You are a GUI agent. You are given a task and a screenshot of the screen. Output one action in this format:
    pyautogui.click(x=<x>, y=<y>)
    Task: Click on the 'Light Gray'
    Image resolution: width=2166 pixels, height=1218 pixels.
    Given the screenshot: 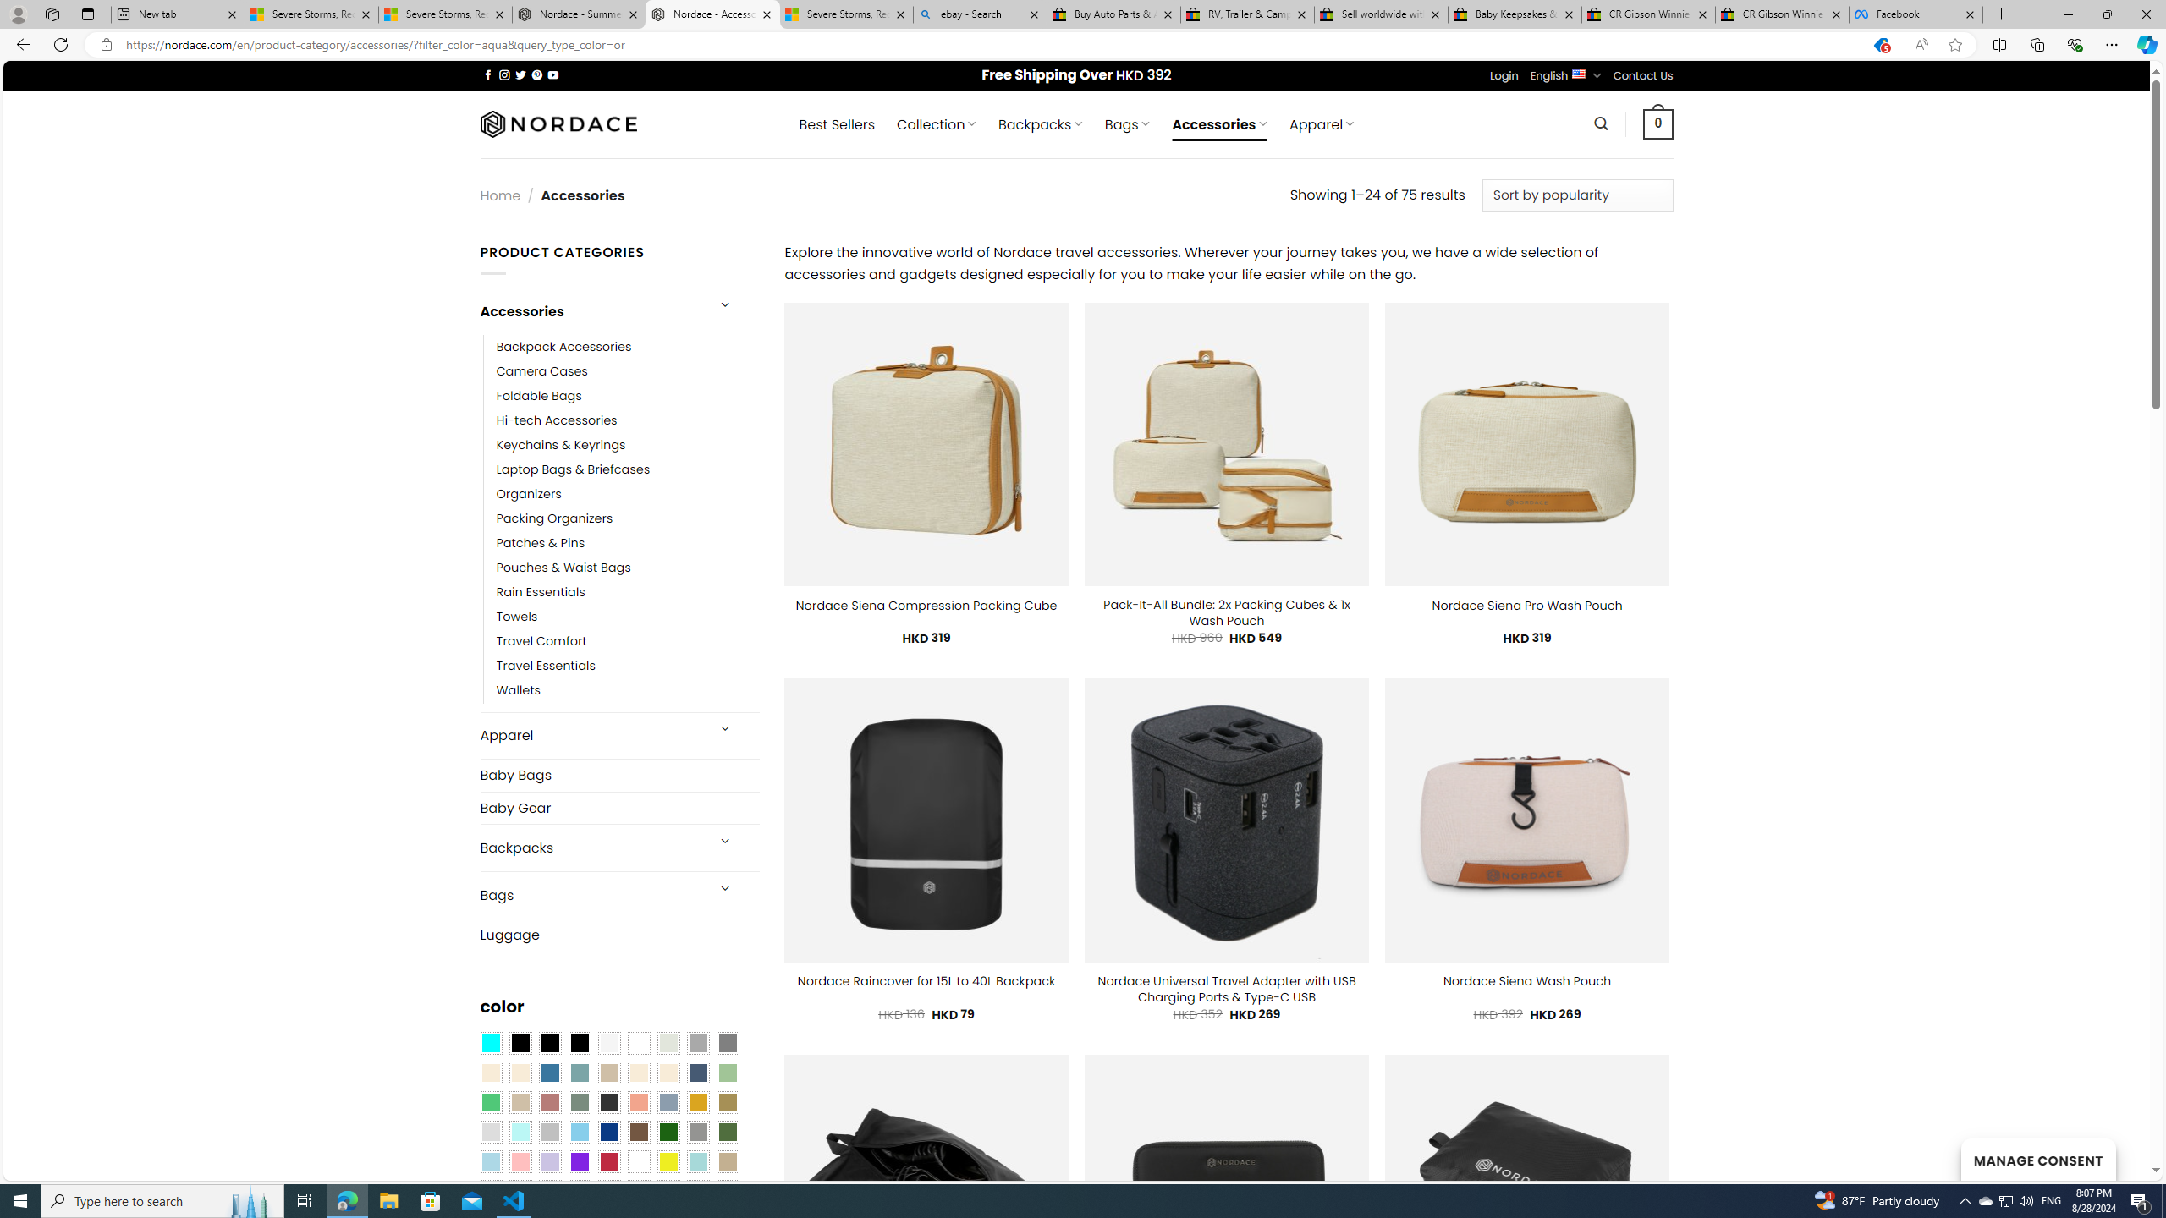 What is the action you would take?
    pyautogui.click(x=489, y=1132)
    